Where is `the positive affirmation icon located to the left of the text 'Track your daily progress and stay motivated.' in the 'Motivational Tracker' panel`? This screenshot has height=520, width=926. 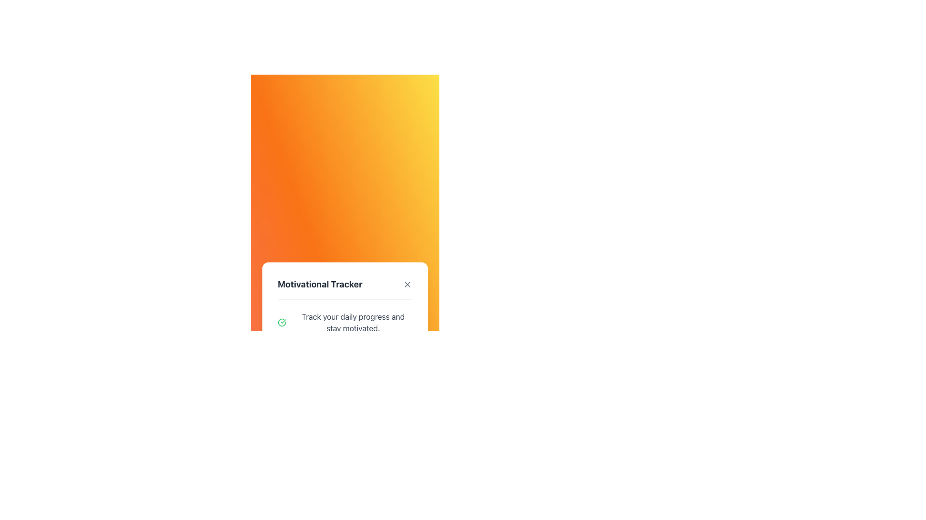 the positive affirmation icon located to the left of the text 'Track your daily progress and stay motivated.' in the 'Motivational Tracker' panel is located at coordinates (282, 322).